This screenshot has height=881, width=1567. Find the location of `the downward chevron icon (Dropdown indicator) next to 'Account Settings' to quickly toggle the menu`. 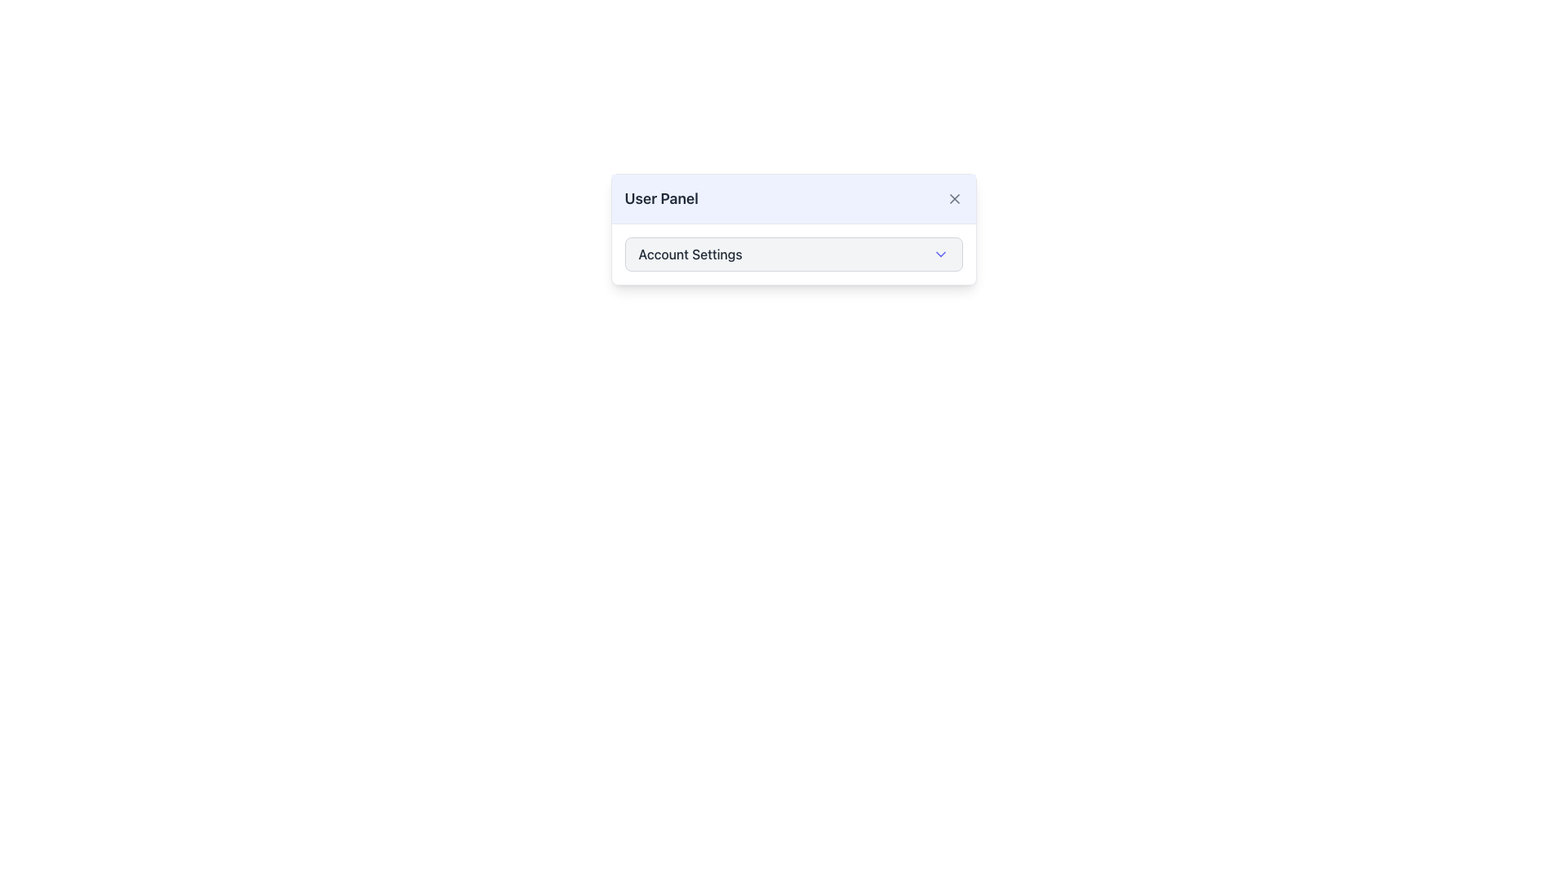

the downward chevron icon (Dropdown indicator) next to 'Account Settings' to quickly toggle the menu is located at coordinates (940, 255).